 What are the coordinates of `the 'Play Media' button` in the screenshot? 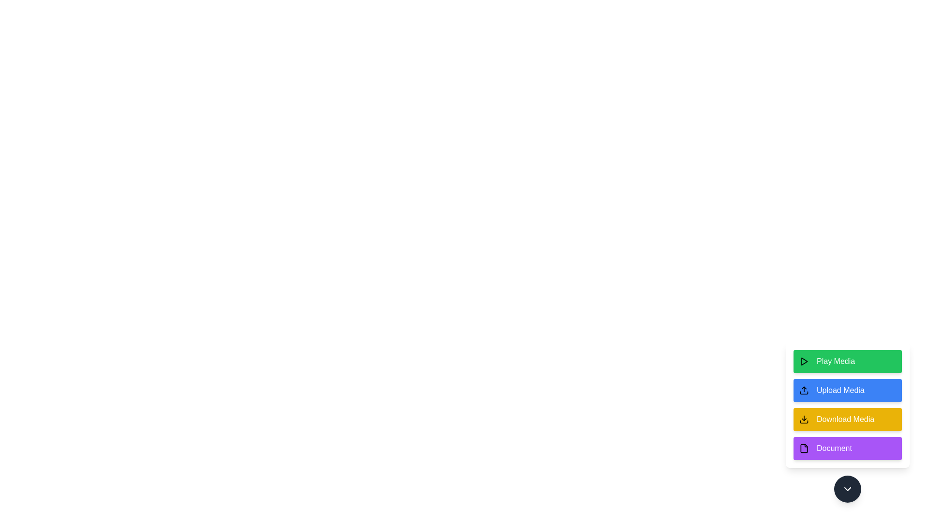 It's located at (847, 362).